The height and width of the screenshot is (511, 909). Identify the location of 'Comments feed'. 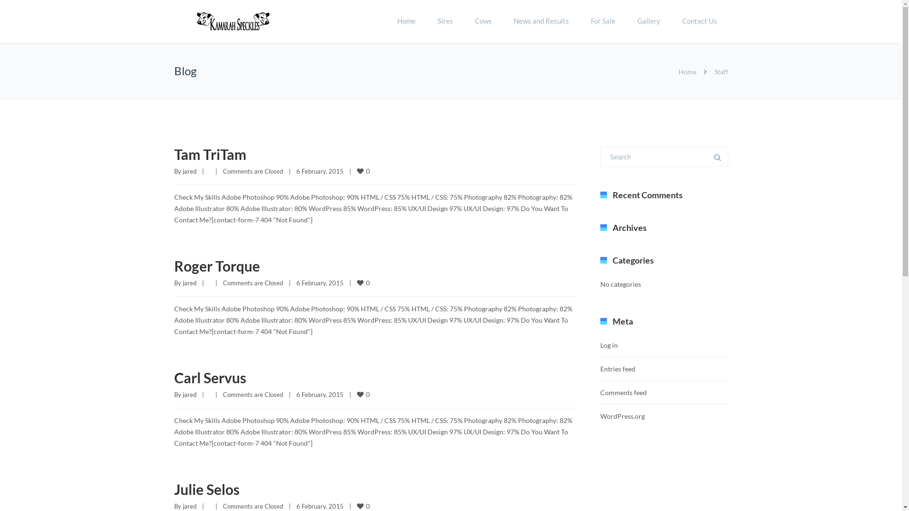
(623, 392).